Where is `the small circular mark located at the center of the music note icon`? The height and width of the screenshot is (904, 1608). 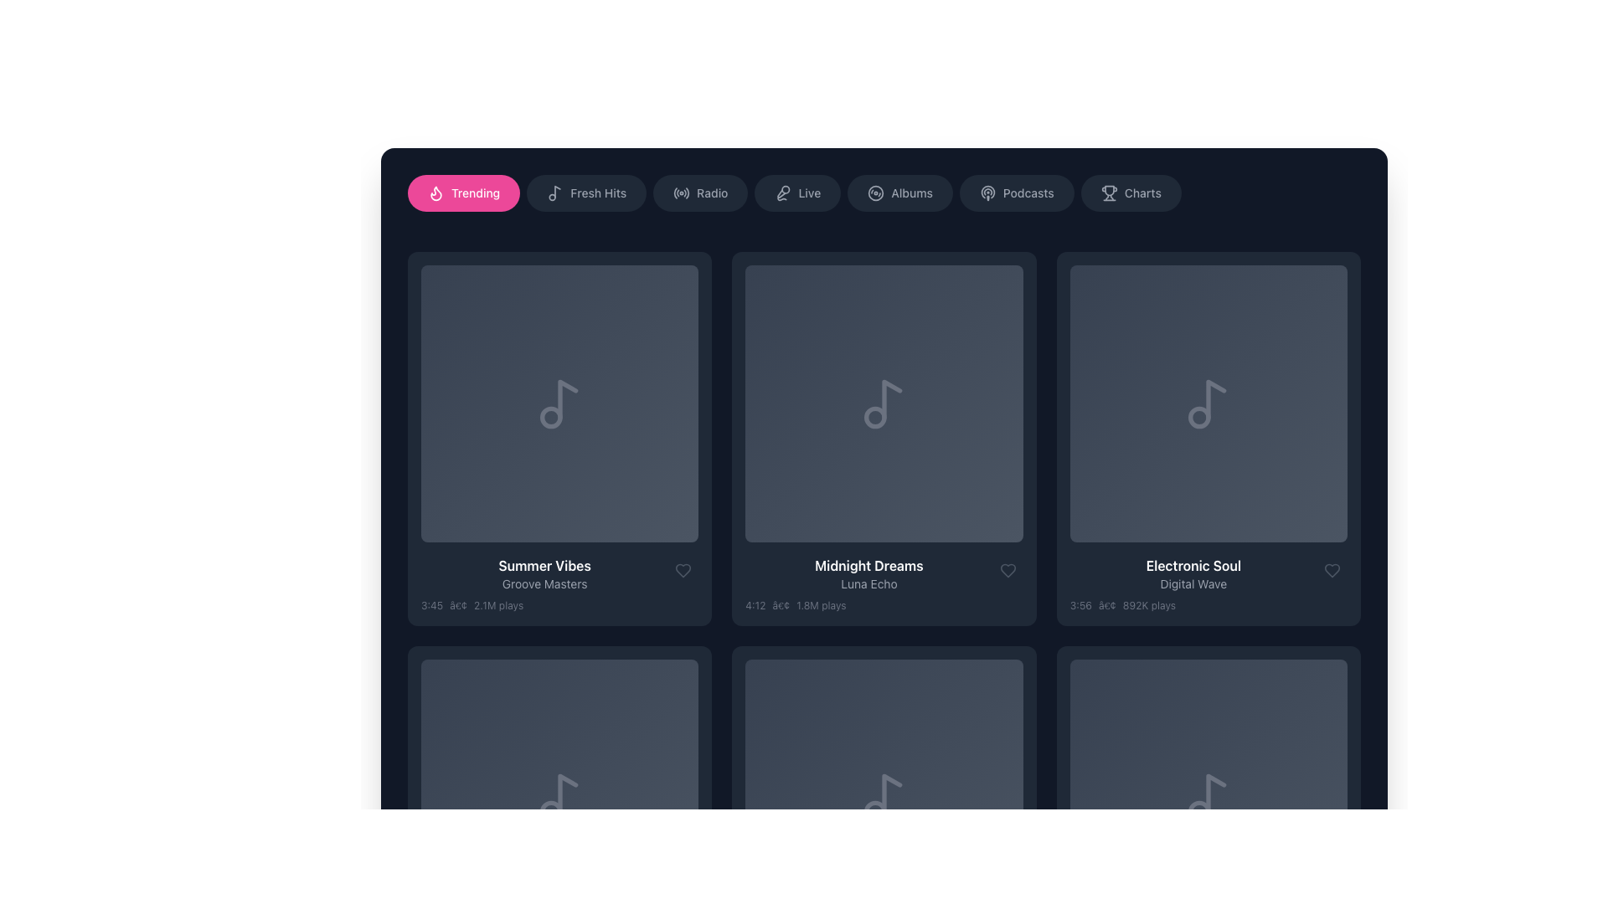
the small circular mark located at the center of the music note icon is located at coordinates (874, 416).